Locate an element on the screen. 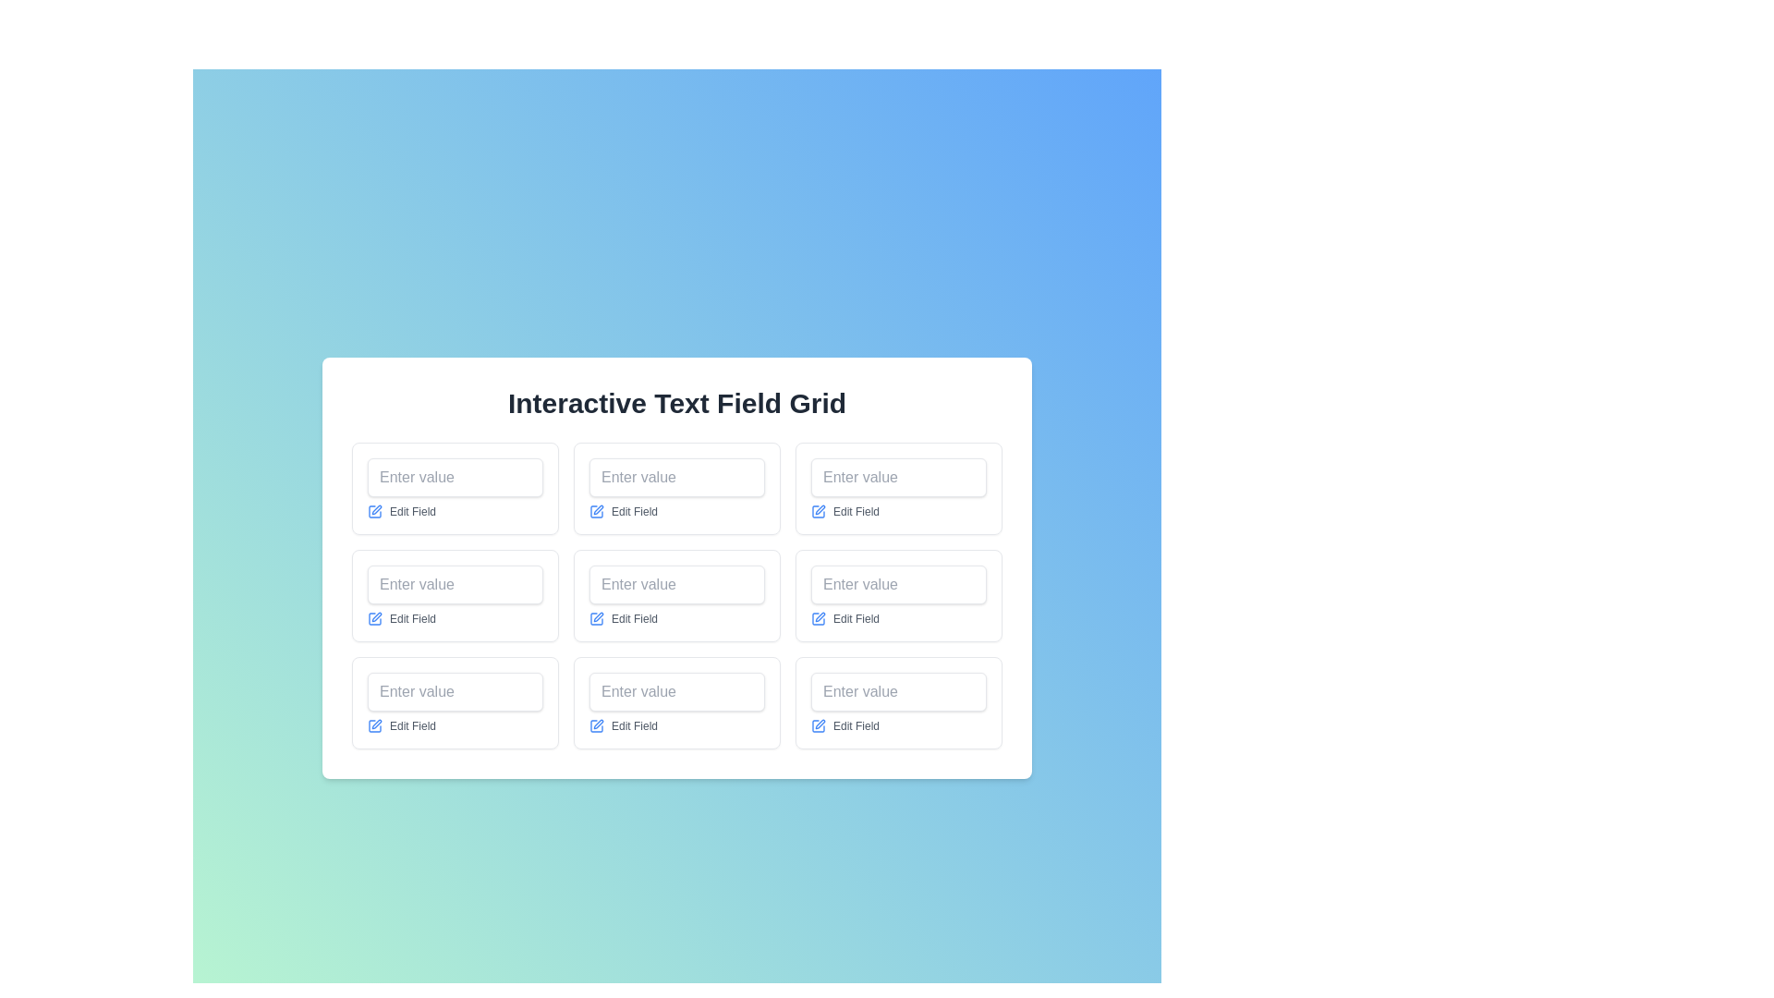 The width and height of the screenshot is (1774, 998). the edit action icon located at the bottom right corner of the grid, adjacent to the 'Edit Field' text is located at coordinates (818, 725).